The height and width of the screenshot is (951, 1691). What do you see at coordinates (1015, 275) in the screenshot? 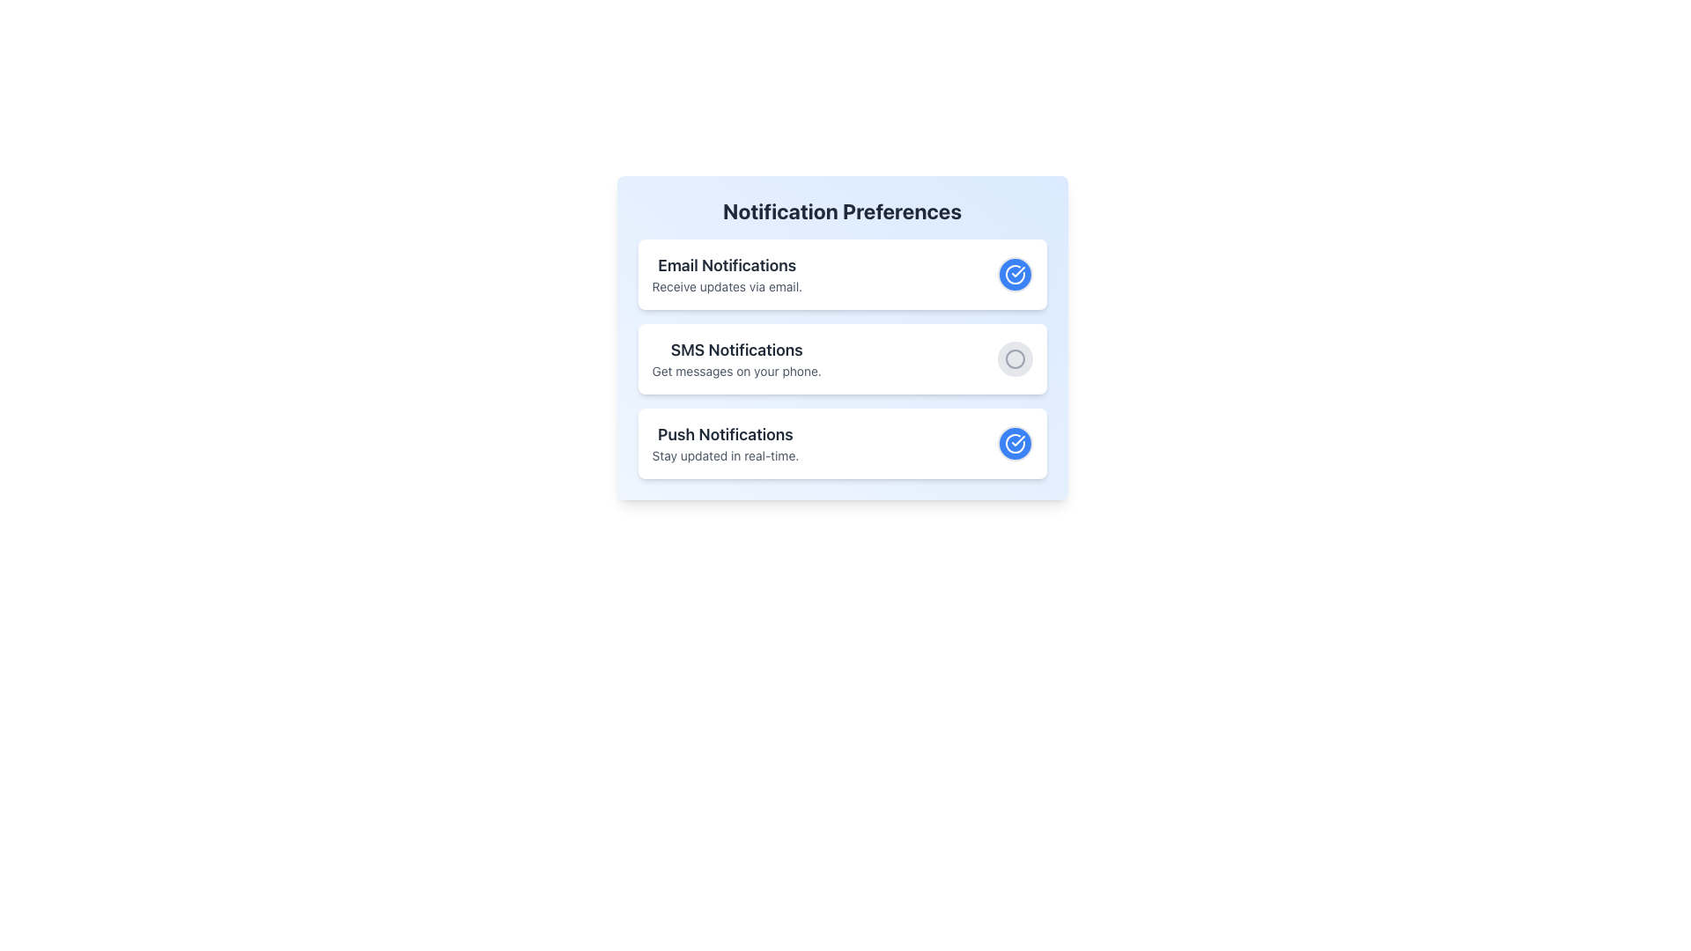
I see `the button that activates or confirms 'Email Notifications'` at bounding box center [1015, 275].